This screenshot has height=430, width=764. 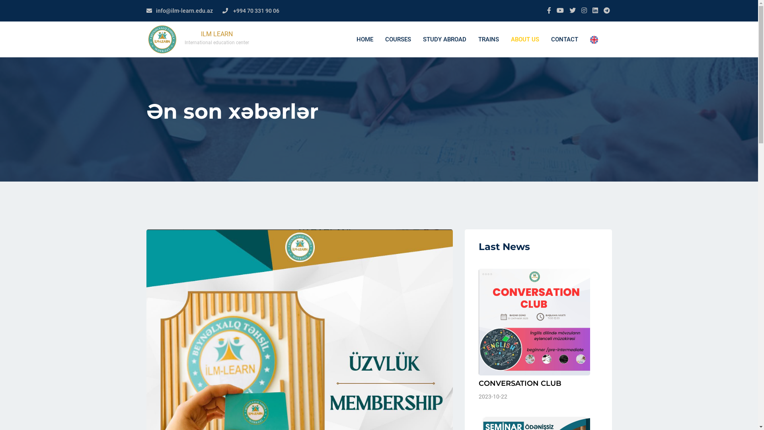 What do you see at coordinates (444, 39) in the screenshot?
I see `'STUDY ABROAD'` at bounding box center [444, 39].